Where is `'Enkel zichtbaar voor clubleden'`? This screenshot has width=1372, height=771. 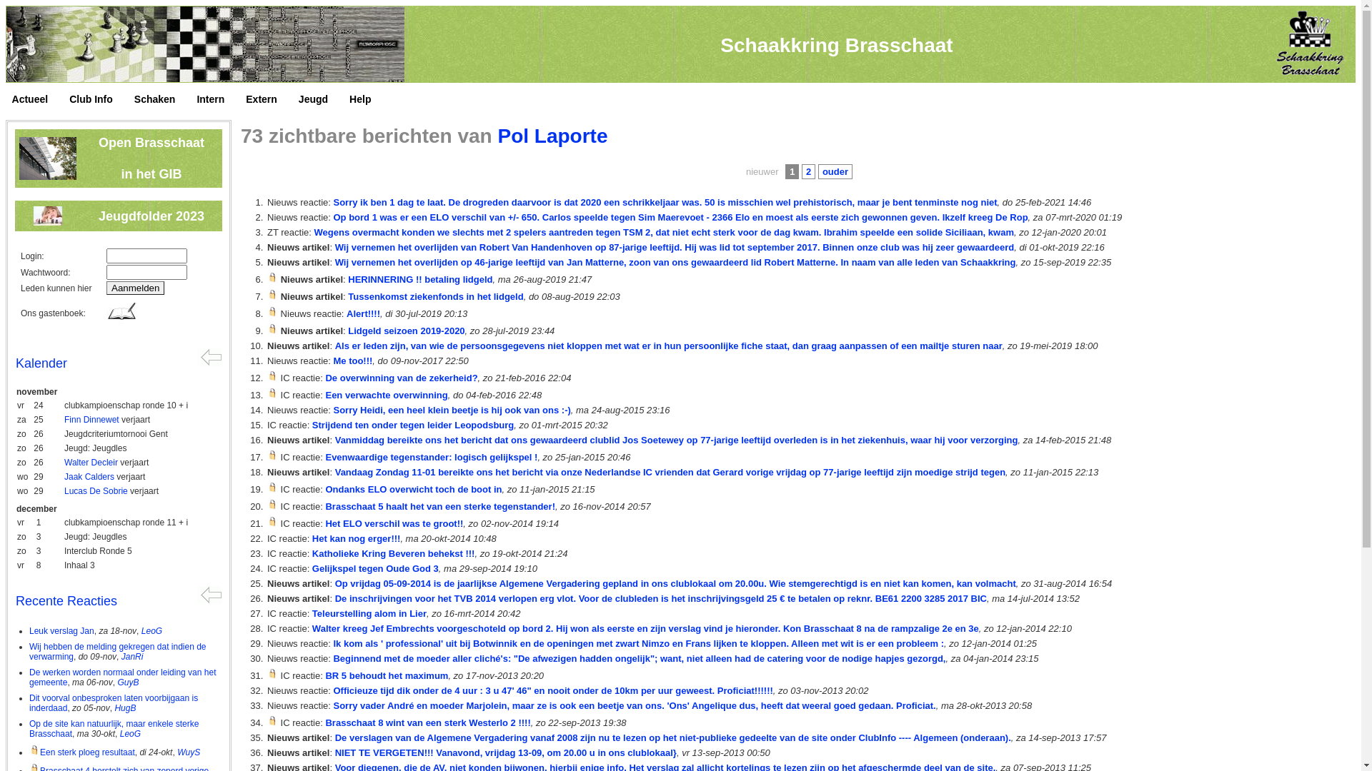
'Enkel zichtbaar voor clubleden' is located at coordinates (267, 503).